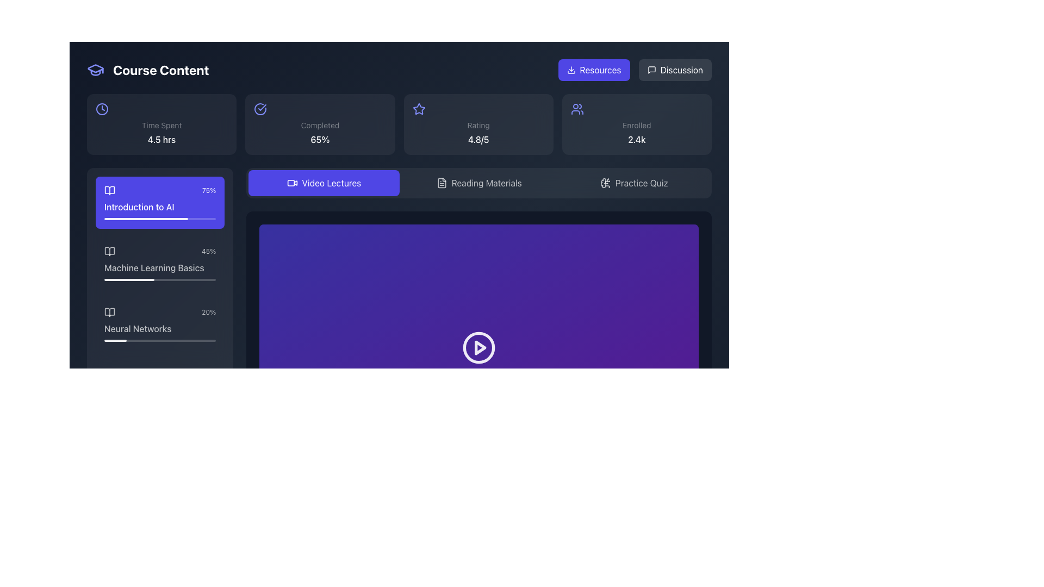 The width and height of the screenshot is (1044, 587). I want to click on displayed information on the Information card, which shows the amount of time spent on a course or activity, located at the top left corner of the grid, so click(161, 123).